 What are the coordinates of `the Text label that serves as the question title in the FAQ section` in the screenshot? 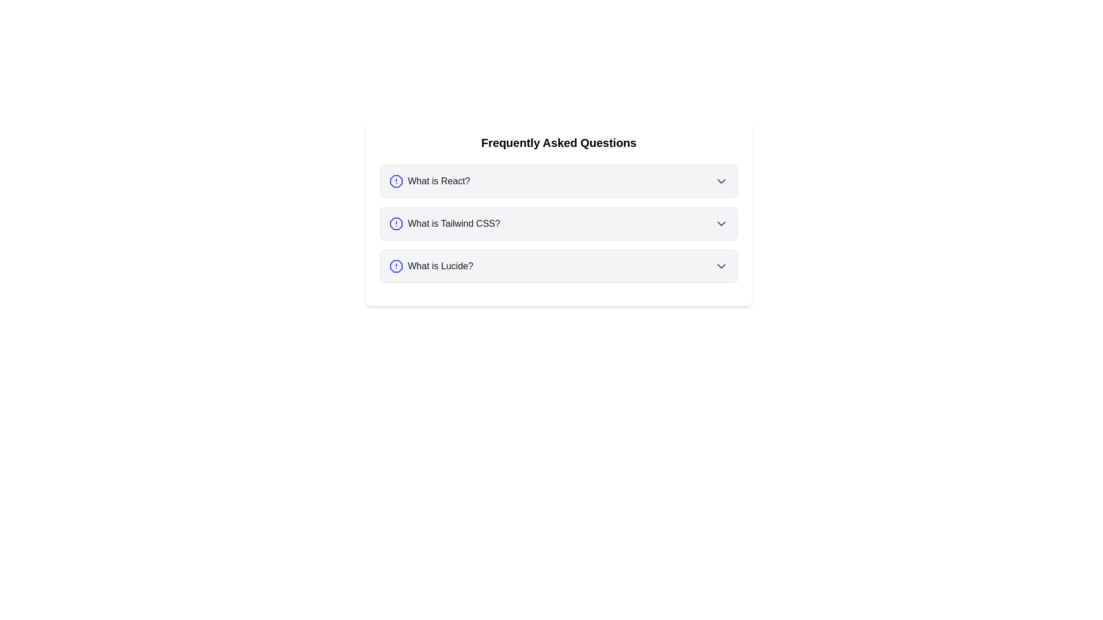 It's located at (438, 181).